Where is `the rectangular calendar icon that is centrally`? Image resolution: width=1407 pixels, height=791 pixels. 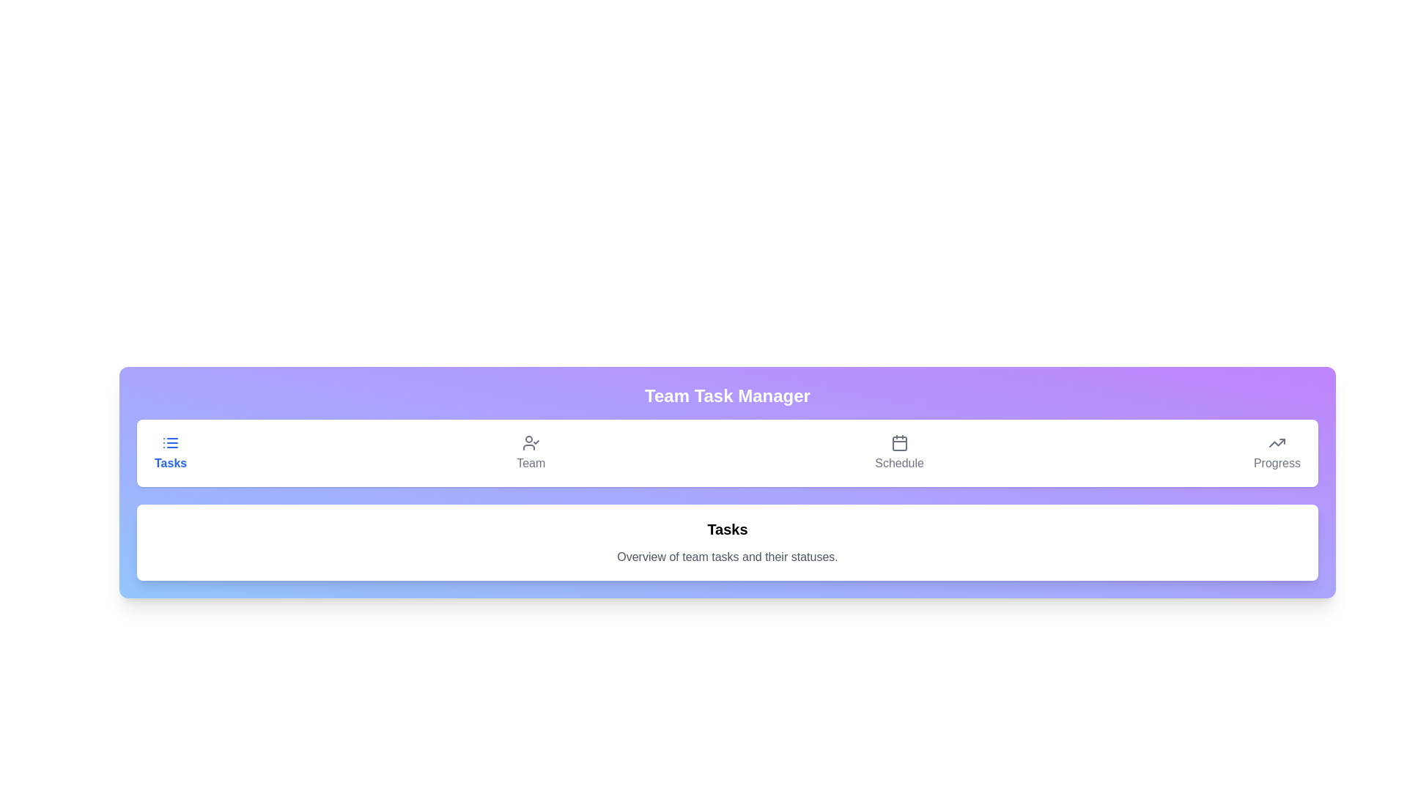 the rectangular calendar icon that is centrally is located at coordinates (898, 442).